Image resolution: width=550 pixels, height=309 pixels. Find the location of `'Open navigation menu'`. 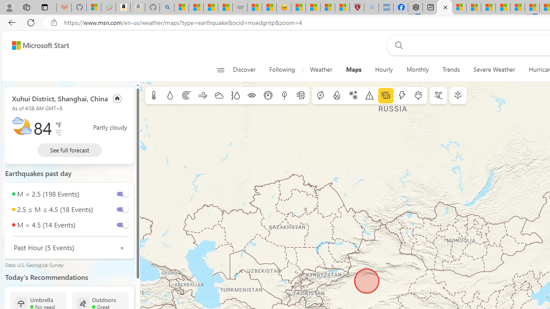

'Open navigation menu' is located at coordinates (220, 70).